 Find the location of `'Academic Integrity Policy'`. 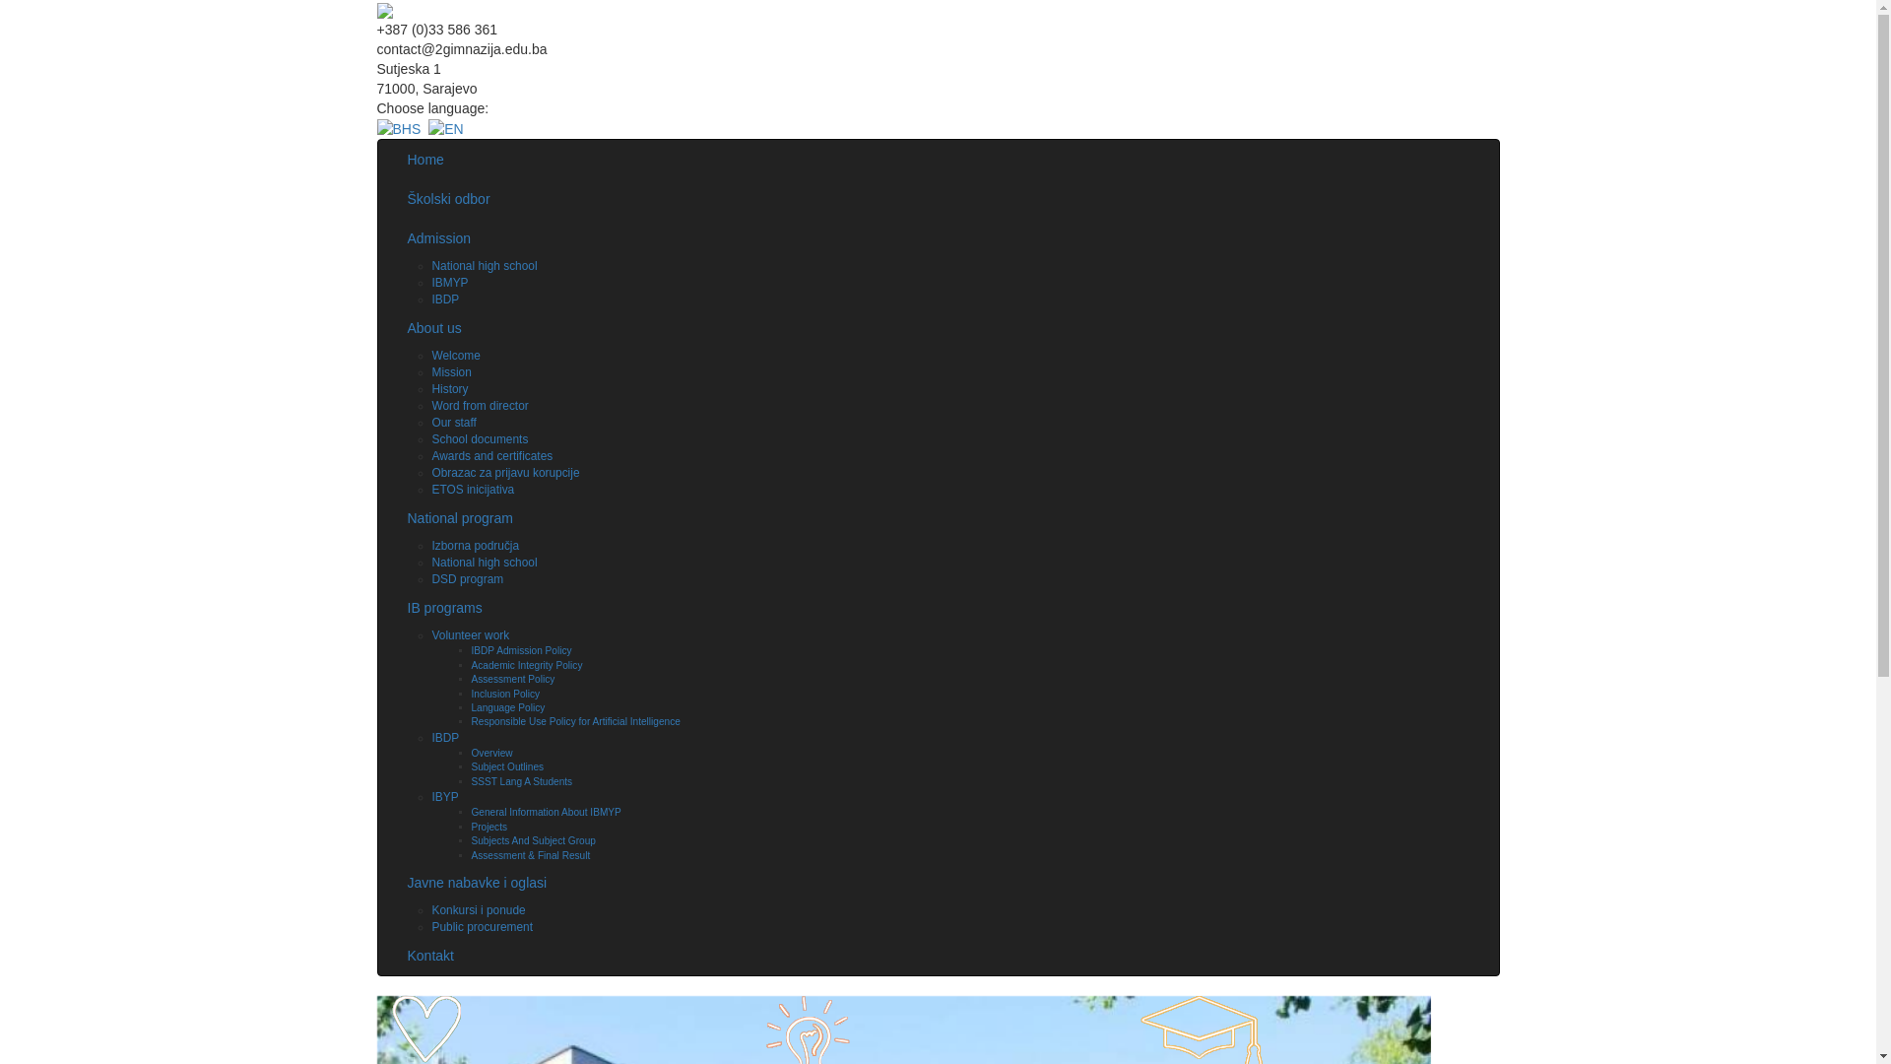

'Academic Integrity Policy' is located at coordinates (526, 665).